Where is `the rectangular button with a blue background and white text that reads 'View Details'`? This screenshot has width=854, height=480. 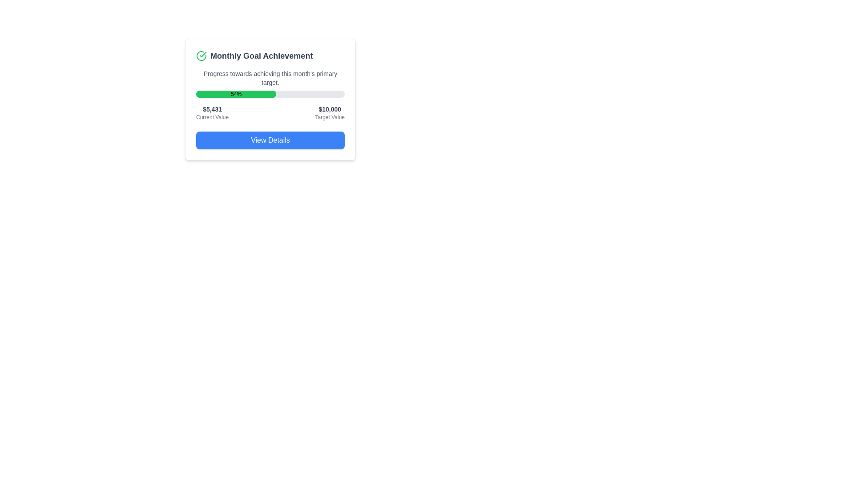 the rectangular button with a blue background and white text that reads 'View Details' is located at coordinates (270, 140).